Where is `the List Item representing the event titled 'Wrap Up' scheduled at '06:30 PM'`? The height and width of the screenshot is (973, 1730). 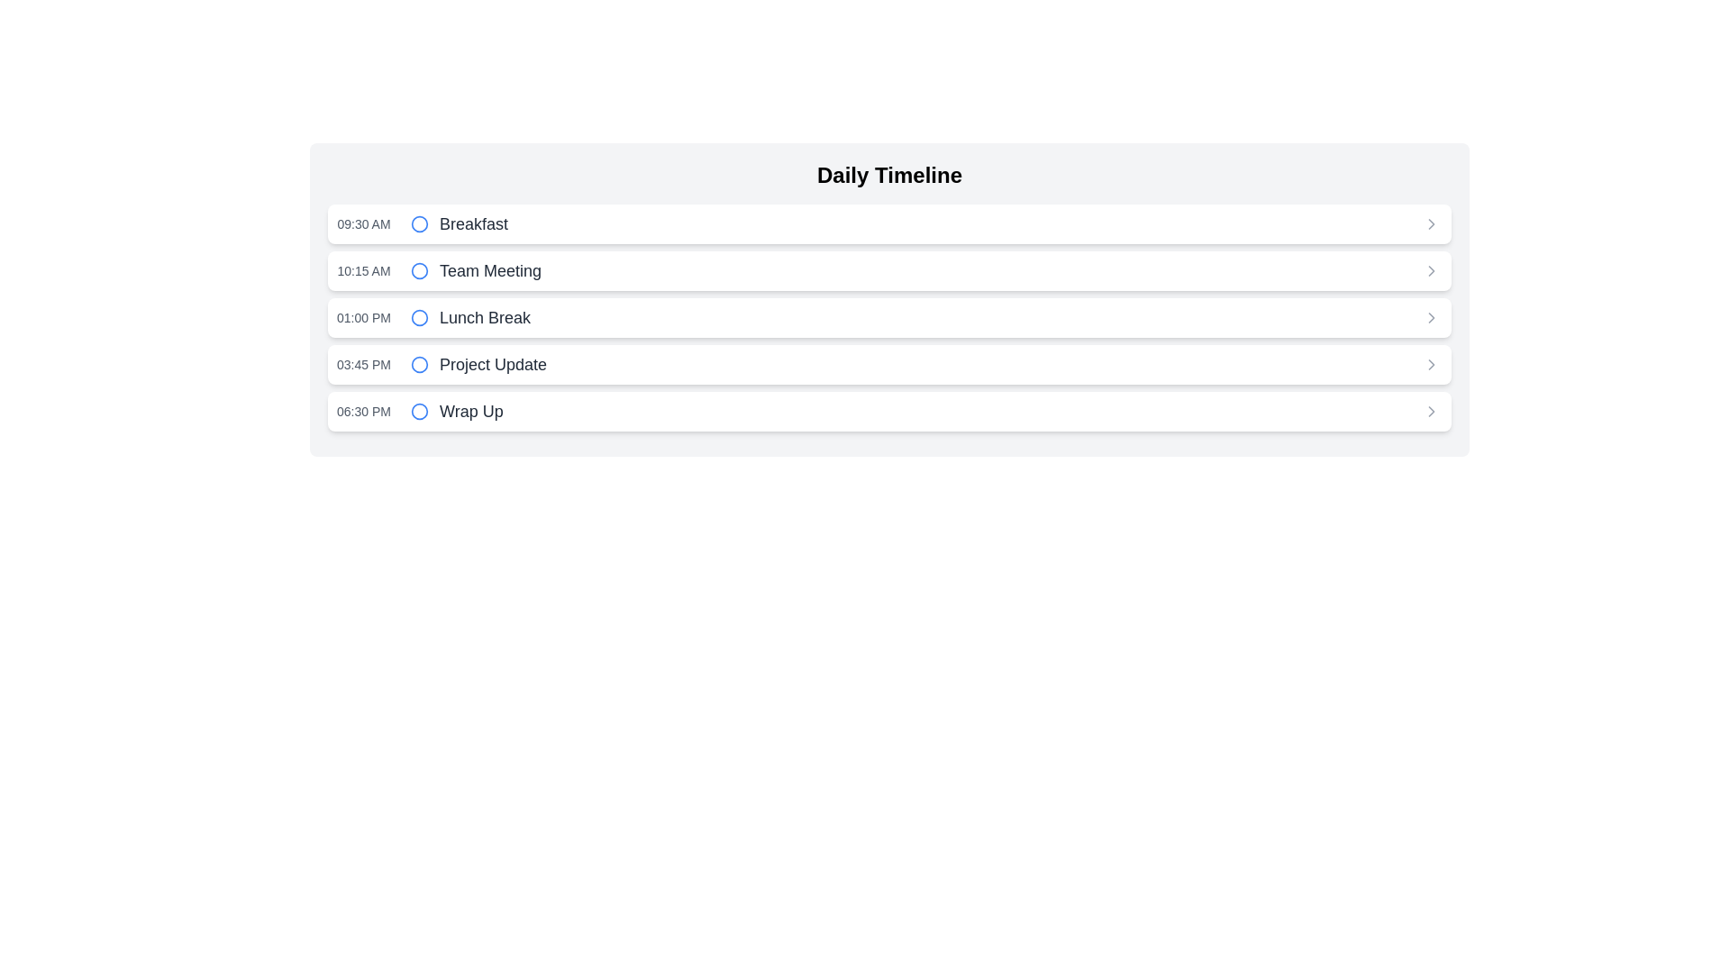
the List Item representing the event titled 'Wrap Up' scheduled at '06:30 PM' is located at coordinates (889, 411).